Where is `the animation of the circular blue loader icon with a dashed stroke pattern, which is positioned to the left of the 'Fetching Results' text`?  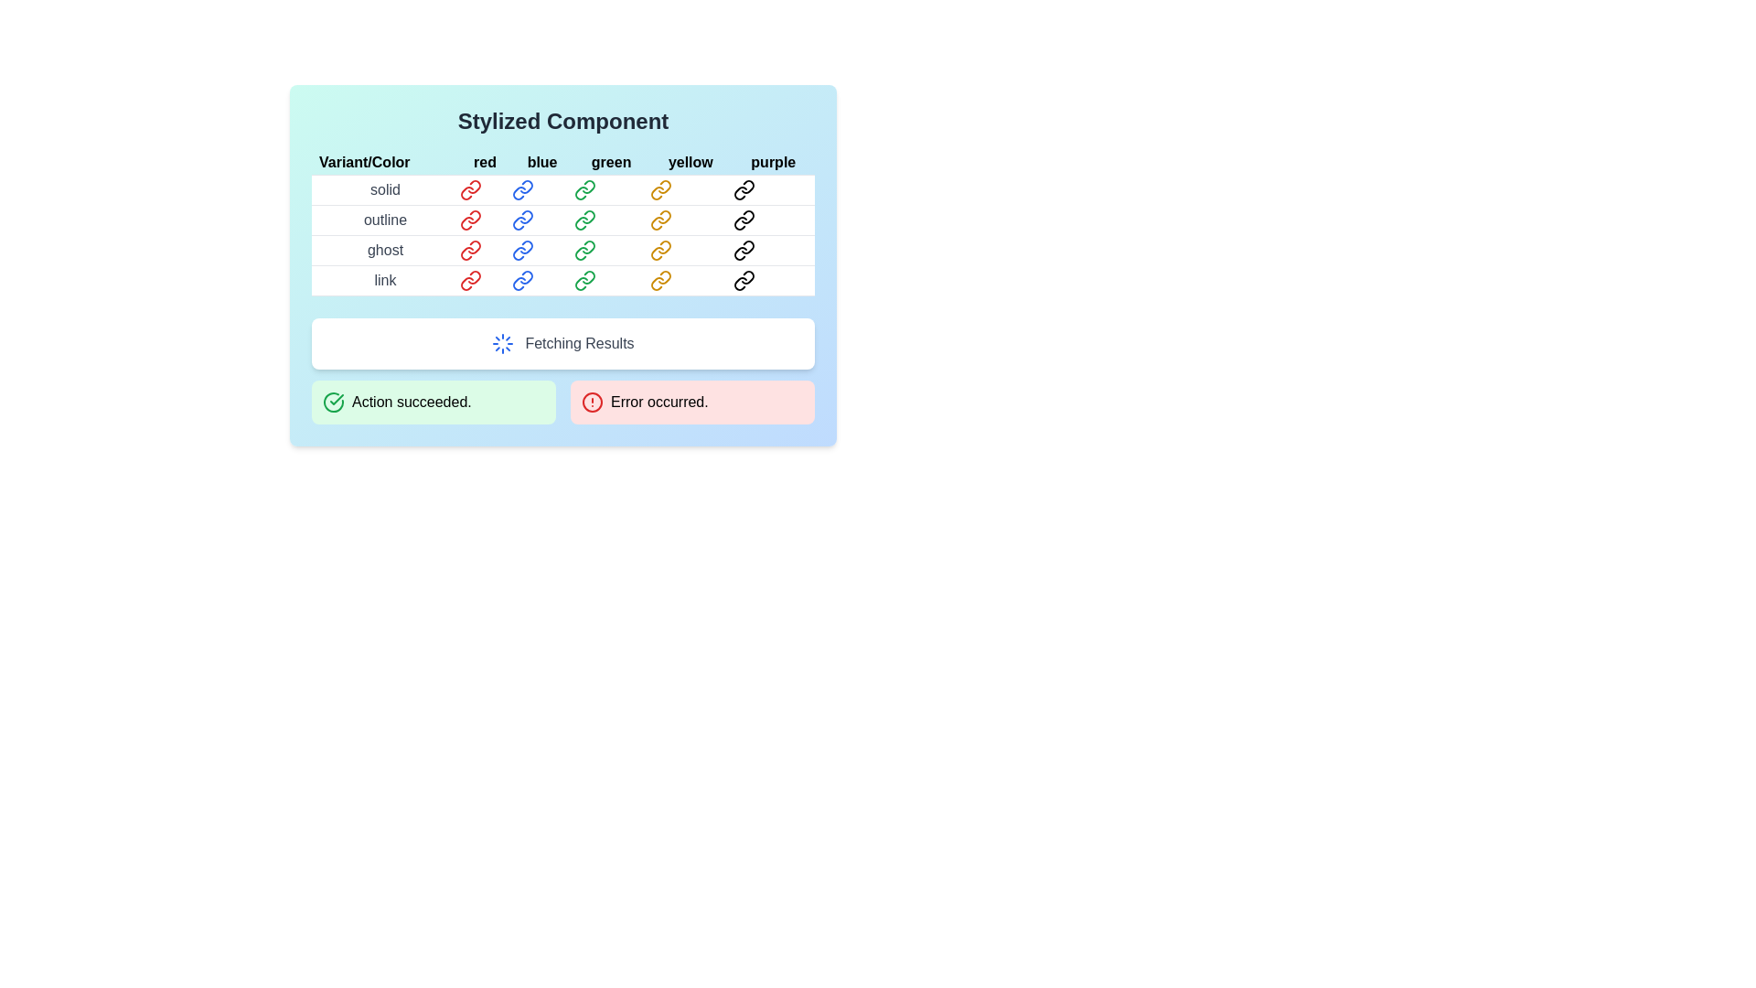 the animation of the circular blue loader icon with a dashed stroke pattern, which is positioned to the left of the 'Fetching Results' text is located at coordinates (503, 343).